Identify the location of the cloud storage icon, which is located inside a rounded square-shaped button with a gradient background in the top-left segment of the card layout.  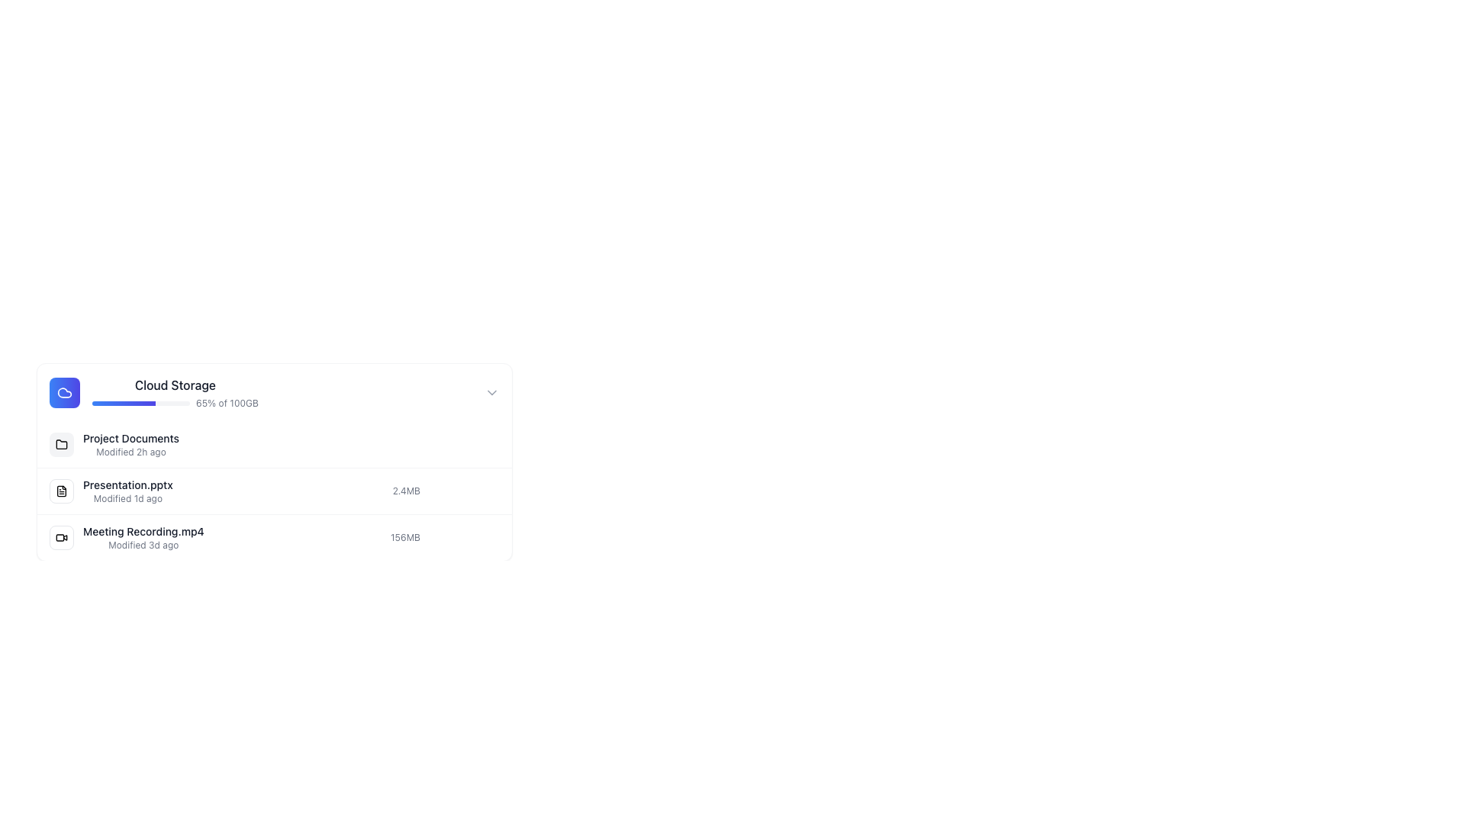
(64, 392).